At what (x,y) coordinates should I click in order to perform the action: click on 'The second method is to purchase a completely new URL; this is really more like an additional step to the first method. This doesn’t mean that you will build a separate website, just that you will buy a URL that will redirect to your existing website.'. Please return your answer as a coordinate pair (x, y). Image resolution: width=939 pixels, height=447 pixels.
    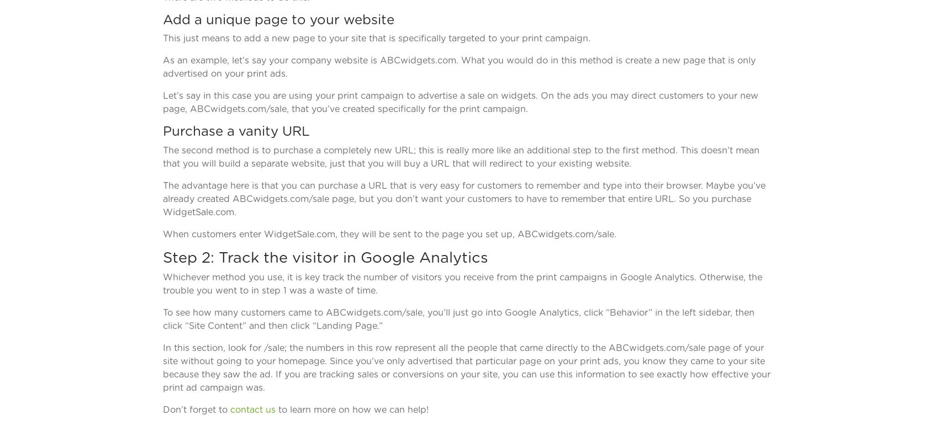
    Looking at the image, I should click on (461, 156).